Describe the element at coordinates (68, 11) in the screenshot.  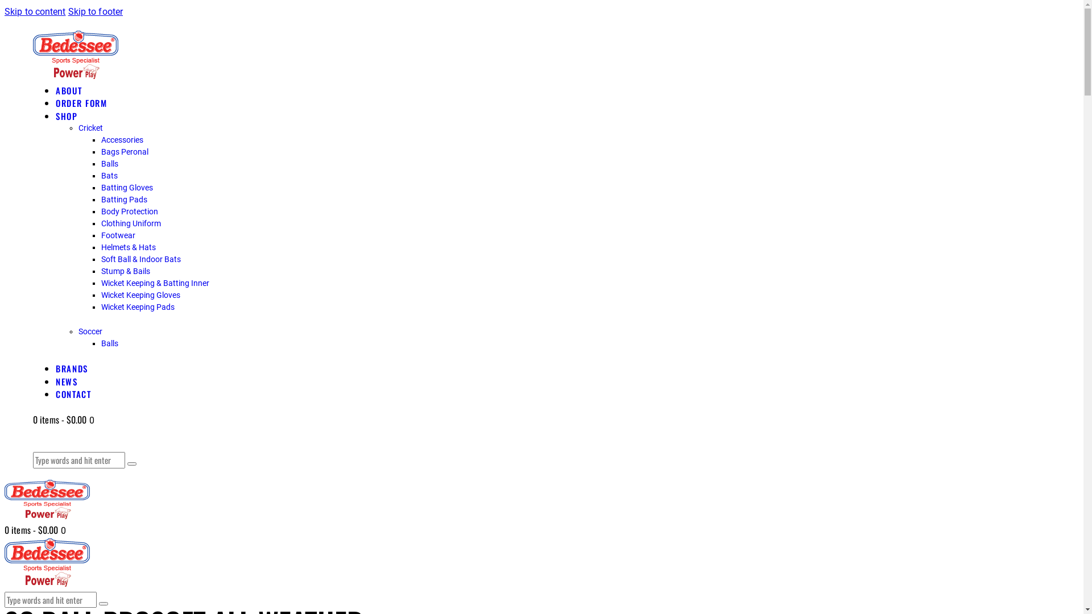
I see `'Skip to footer'` at that location.